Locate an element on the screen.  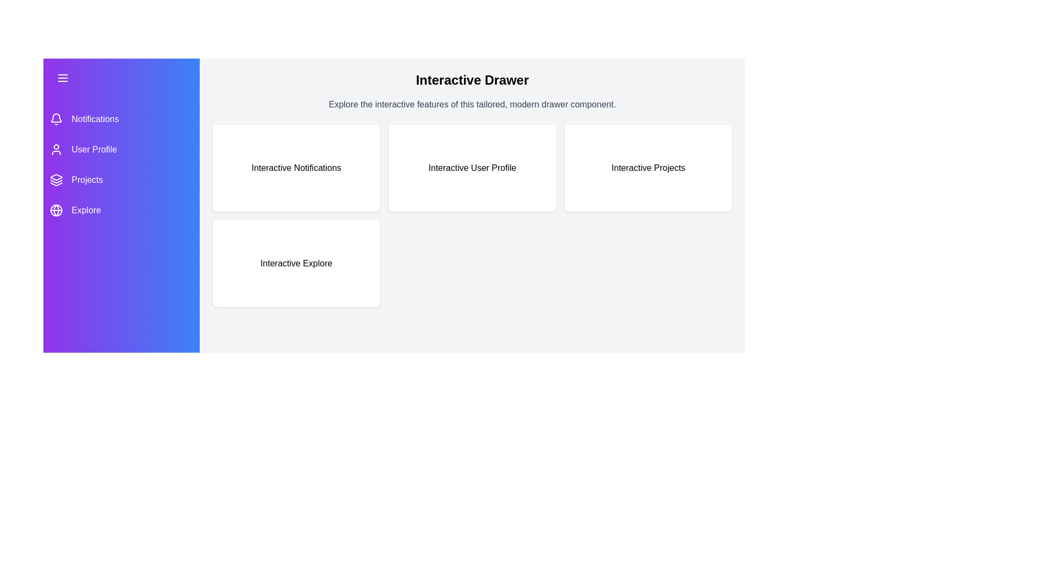
the menu item Explore is located at coordinates (122, 211).